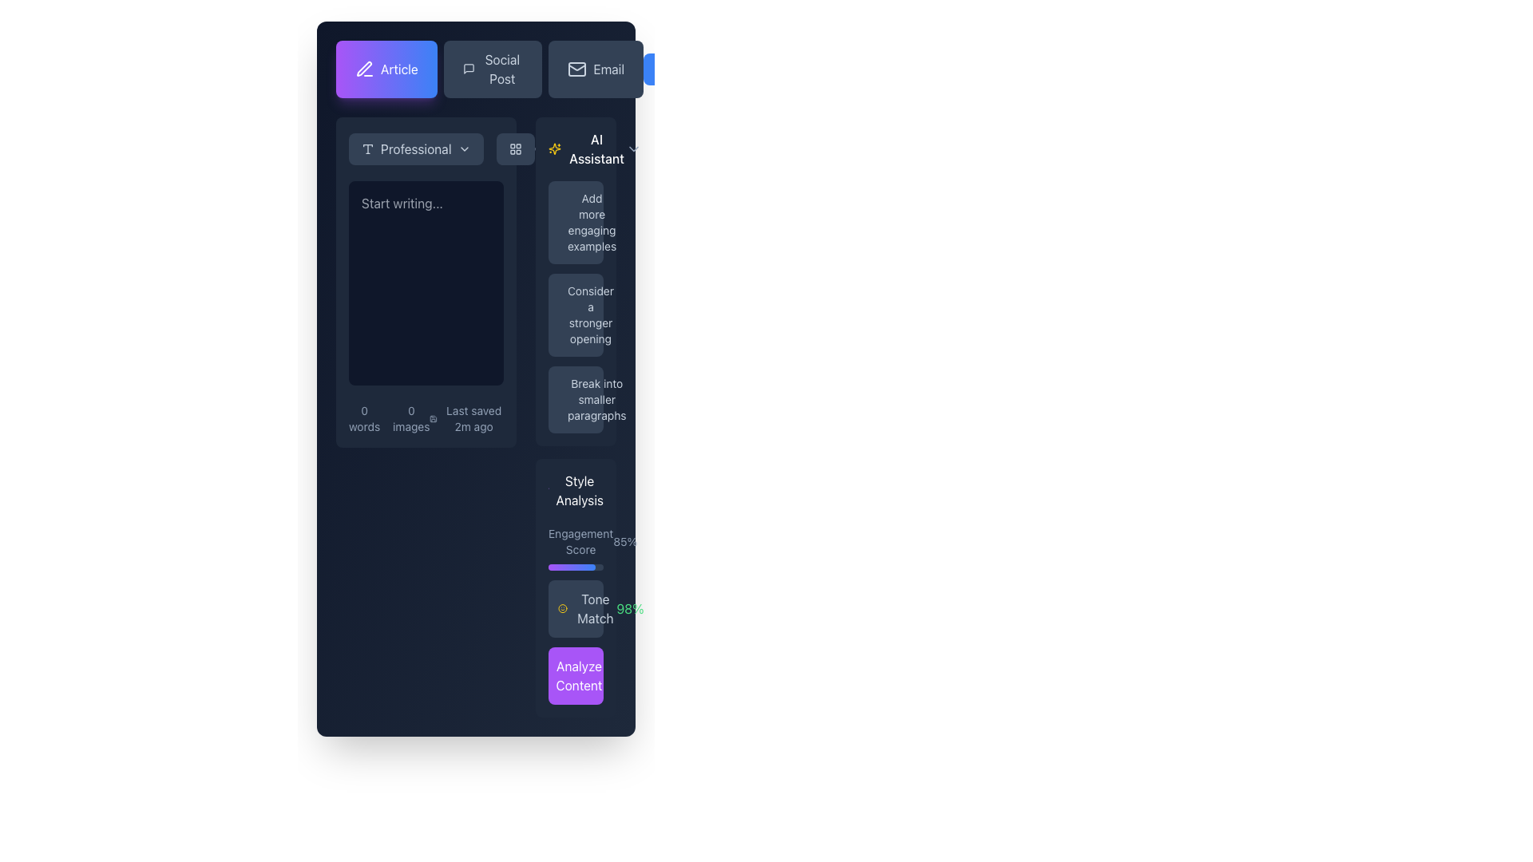  I want to click on the 'Email' button, which is a dark slate gray rectangular button with white text and an envelope icon, located in the upper center of the interface, so click(595, 69).